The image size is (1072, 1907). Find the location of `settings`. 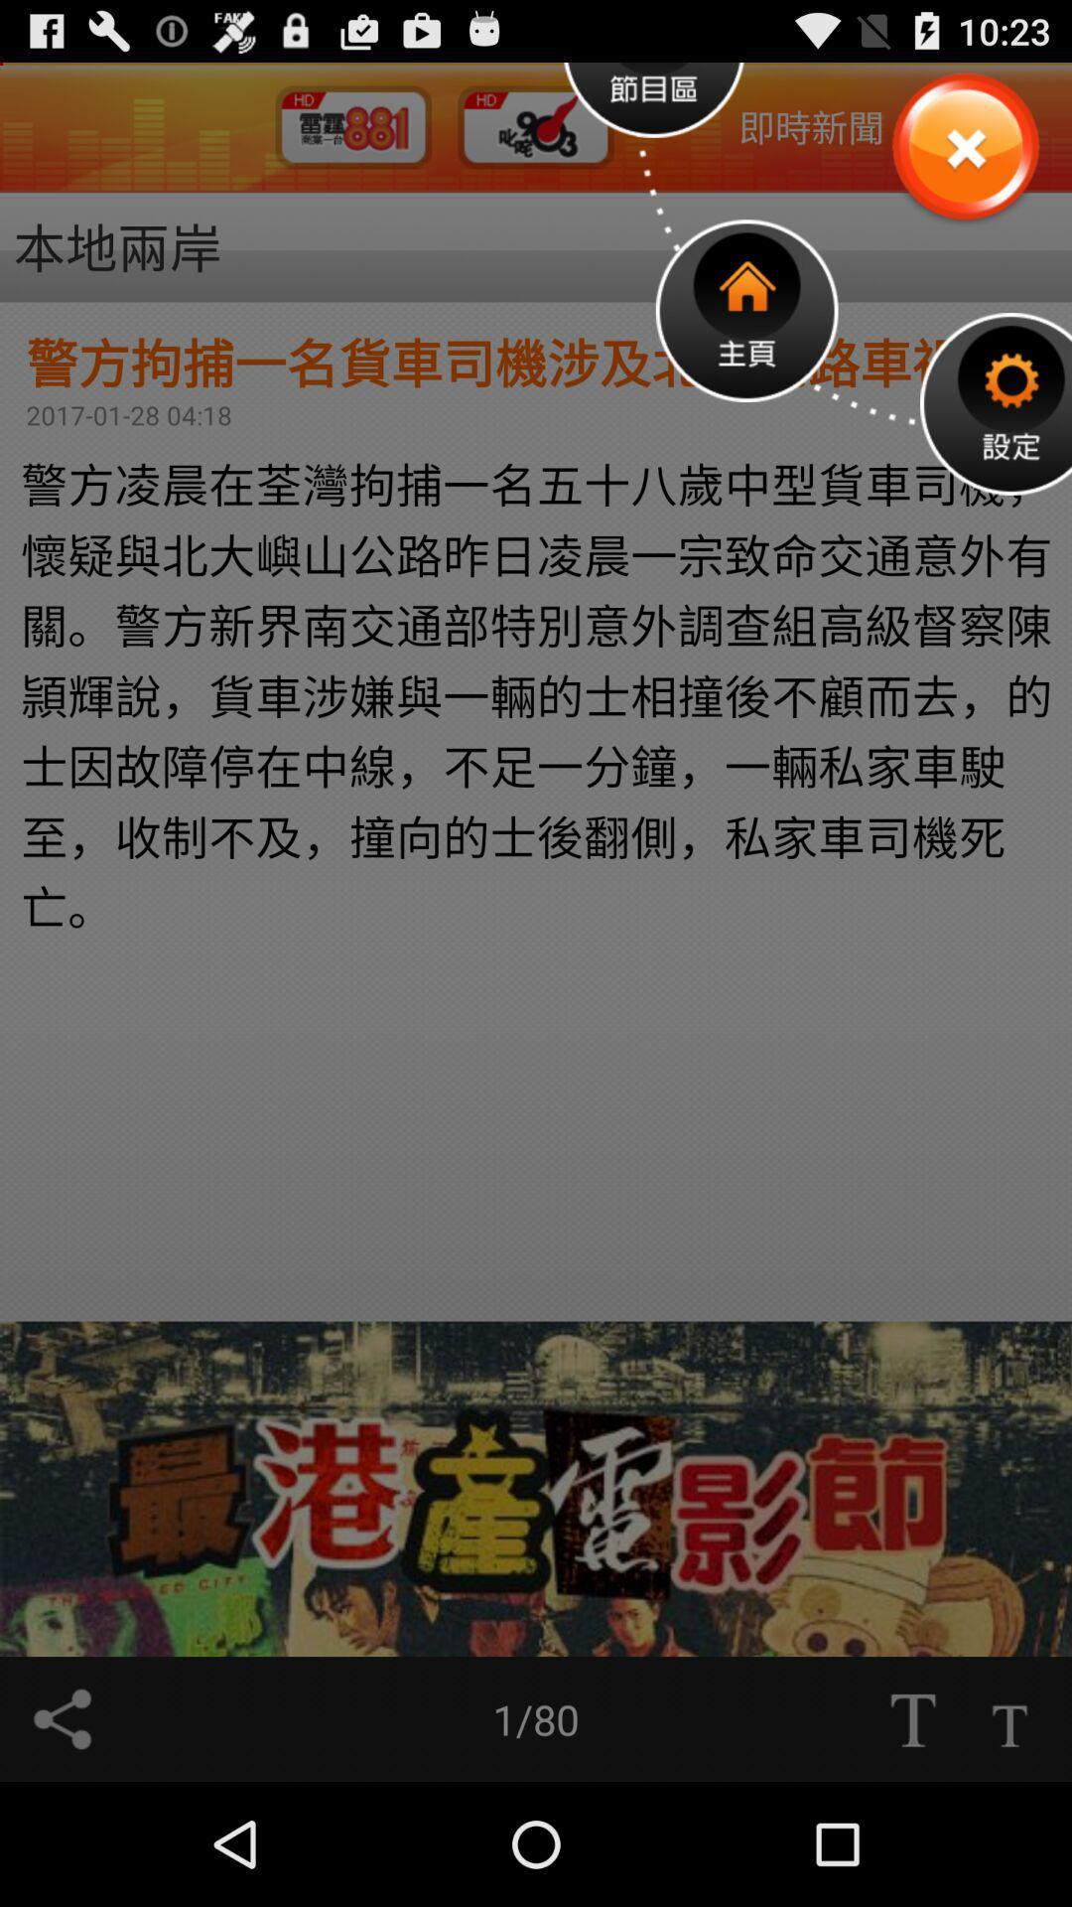

settings is located at coordinates (996, 402).